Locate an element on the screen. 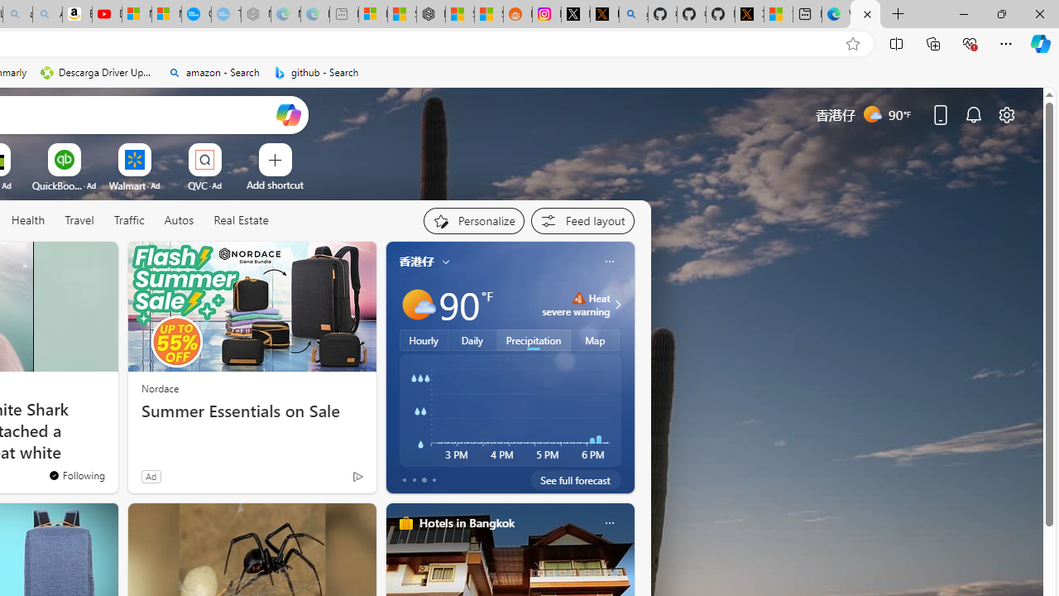 Image resolution: width=1059 pixels, height=596 pixels. 'tab-1' is located at coordinates (414, 479).